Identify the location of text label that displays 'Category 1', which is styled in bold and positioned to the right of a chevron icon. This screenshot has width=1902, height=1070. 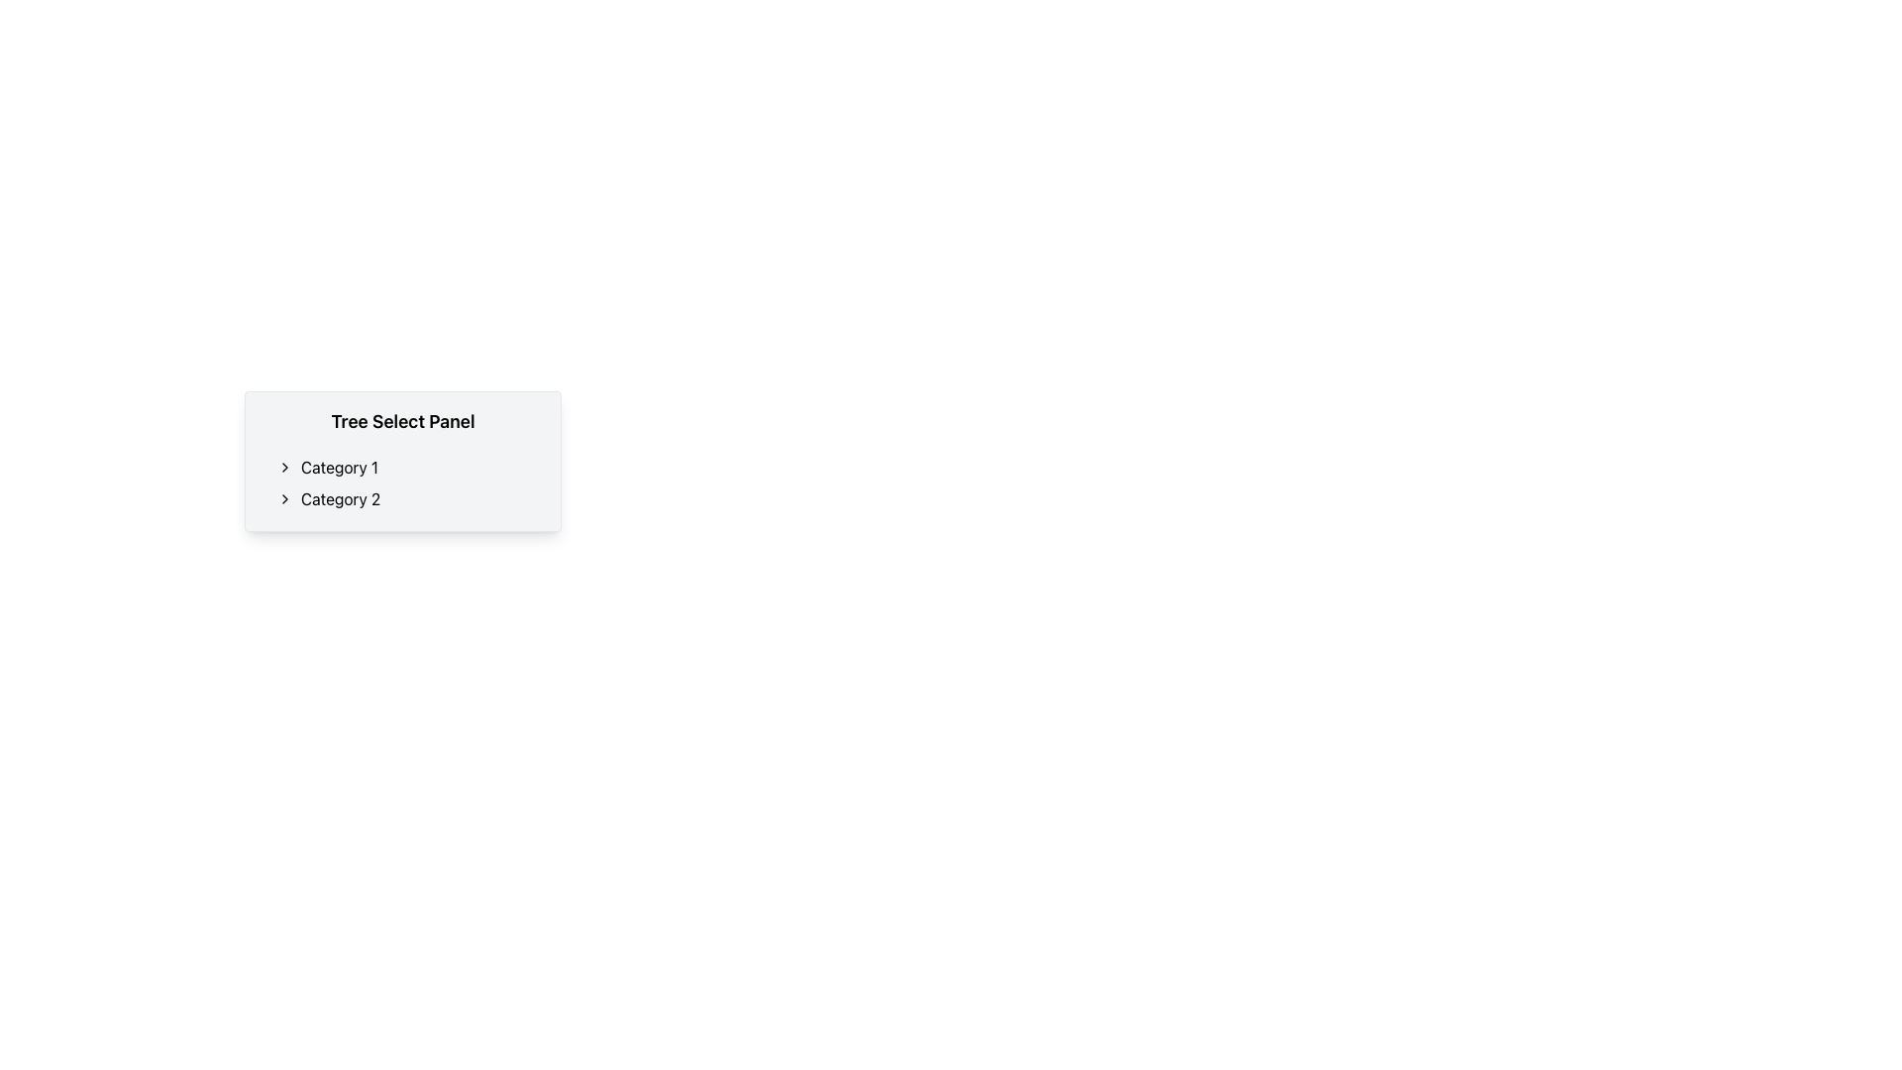
(339, 467).